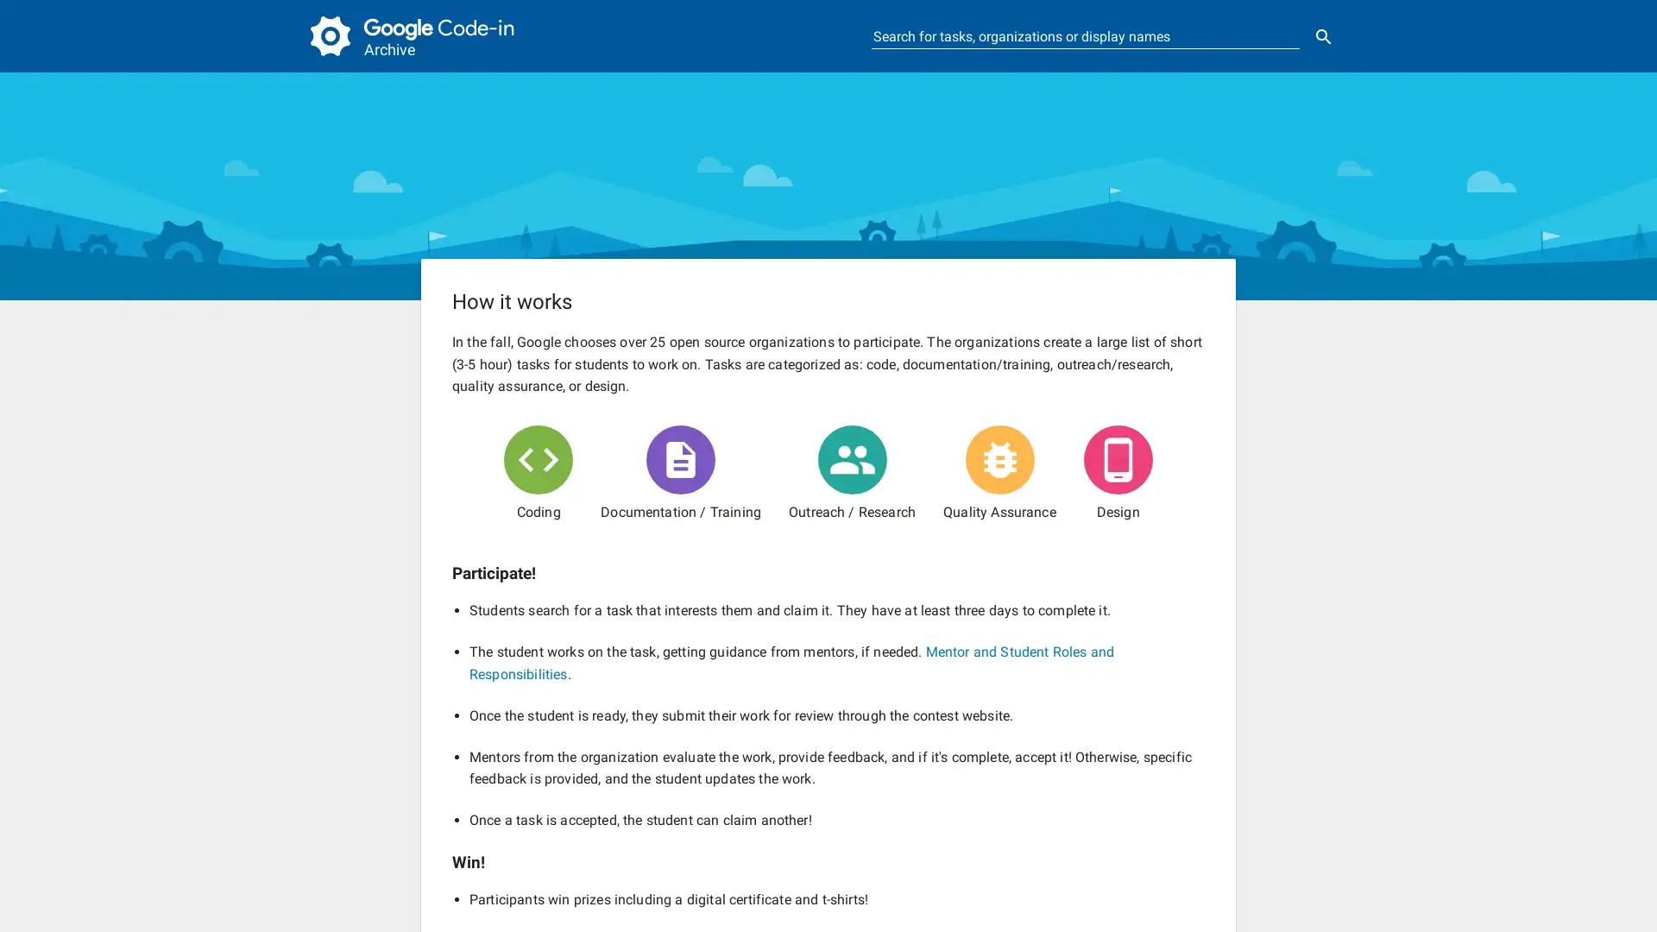  What do you see at coordinates (1323, 36) in the screenshot?
I see `search` at bounding box center [1323, 36].